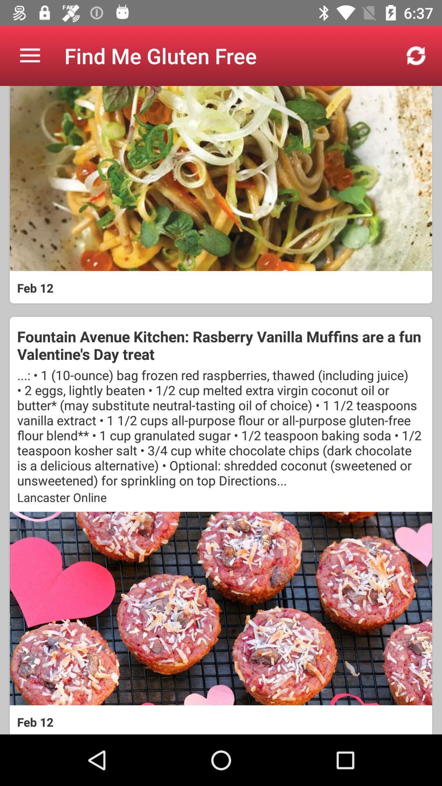 The height and width of the screenshot is (786, 442). I want to click on the item above lancaster online, so click(221, 427).